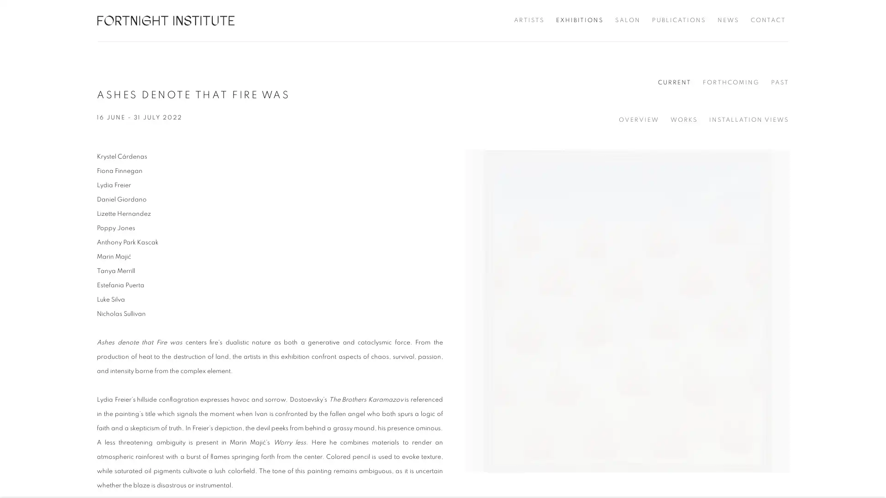 This screenshot has width=886, height=498. What do you see at coordinates (684, 121) in the screenshot?
I see `WORKS` at bounding box center [684, 121].